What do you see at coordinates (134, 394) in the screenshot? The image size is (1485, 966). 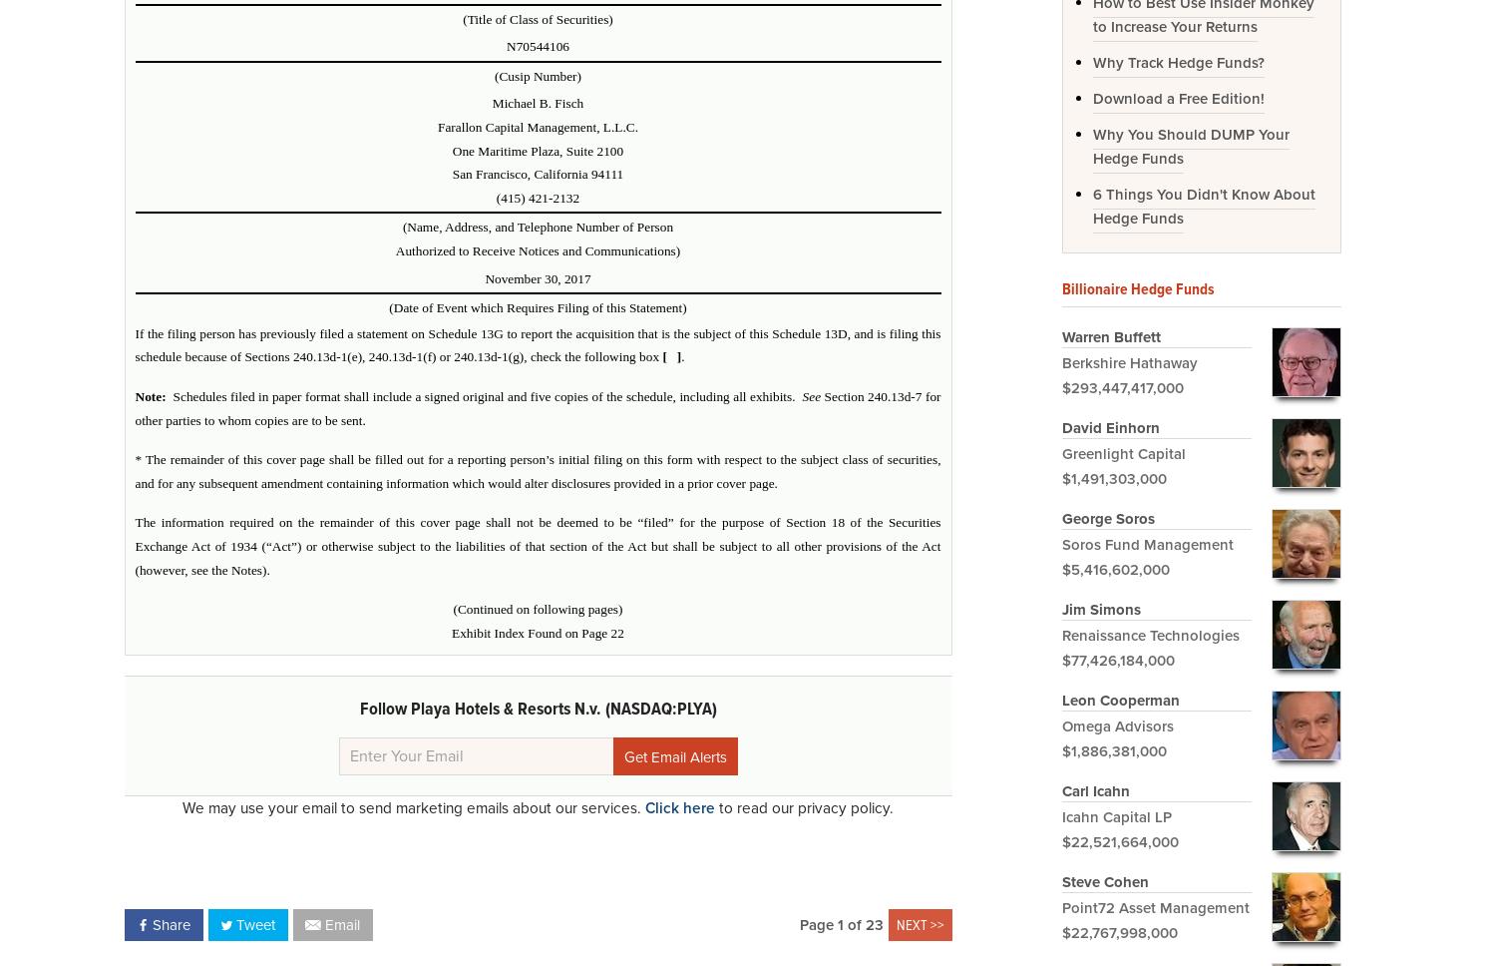 I see `'Note:'` at bounding box center [134, 394].